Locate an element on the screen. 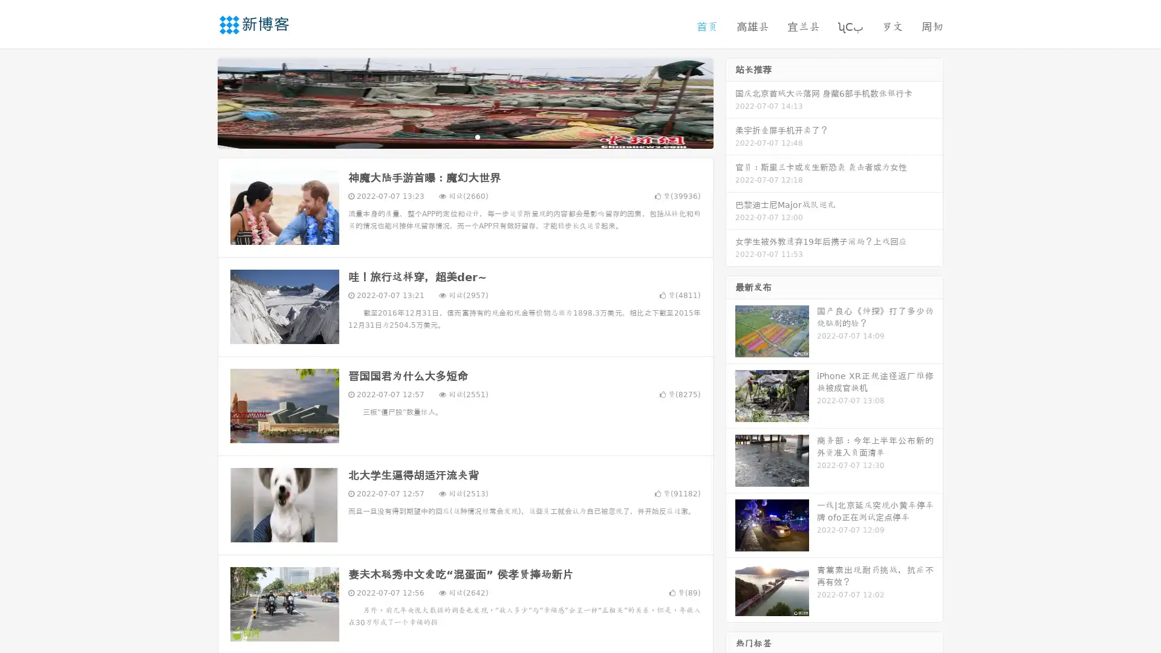 The height and width of the screenshot is (653, 1161). Go to slide 2 is located at coordinates (464, 136).